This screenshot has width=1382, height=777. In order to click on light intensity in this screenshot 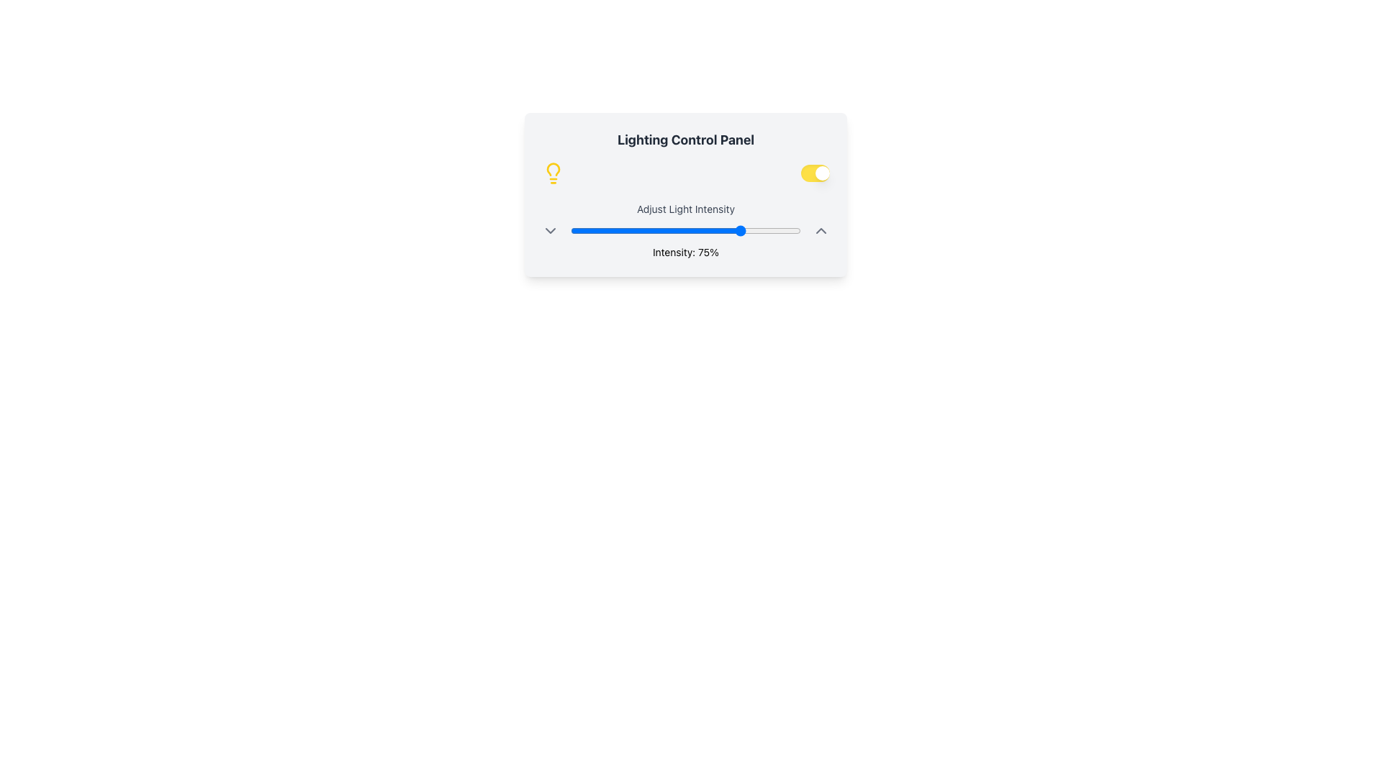, I will do `click(695, 230)`.